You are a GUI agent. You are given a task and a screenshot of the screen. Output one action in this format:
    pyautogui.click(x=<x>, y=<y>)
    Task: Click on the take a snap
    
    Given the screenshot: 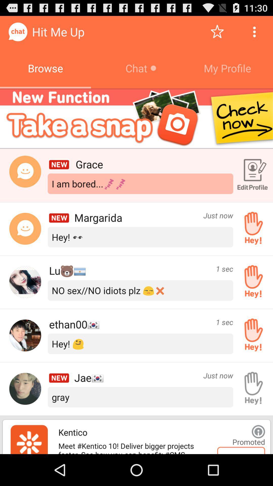 What is the action you would take?
    pyautogui.click(x=136, y=118)
    